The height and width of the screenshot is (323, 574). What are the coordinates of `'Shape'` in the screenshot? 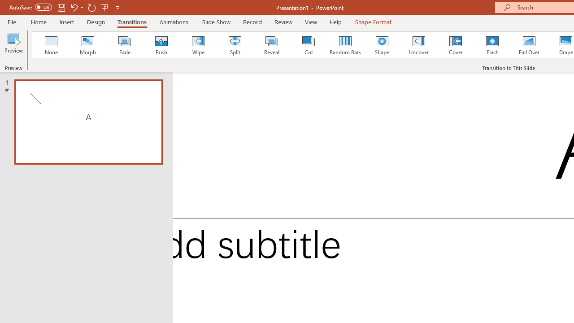 It's located at (382, 45).